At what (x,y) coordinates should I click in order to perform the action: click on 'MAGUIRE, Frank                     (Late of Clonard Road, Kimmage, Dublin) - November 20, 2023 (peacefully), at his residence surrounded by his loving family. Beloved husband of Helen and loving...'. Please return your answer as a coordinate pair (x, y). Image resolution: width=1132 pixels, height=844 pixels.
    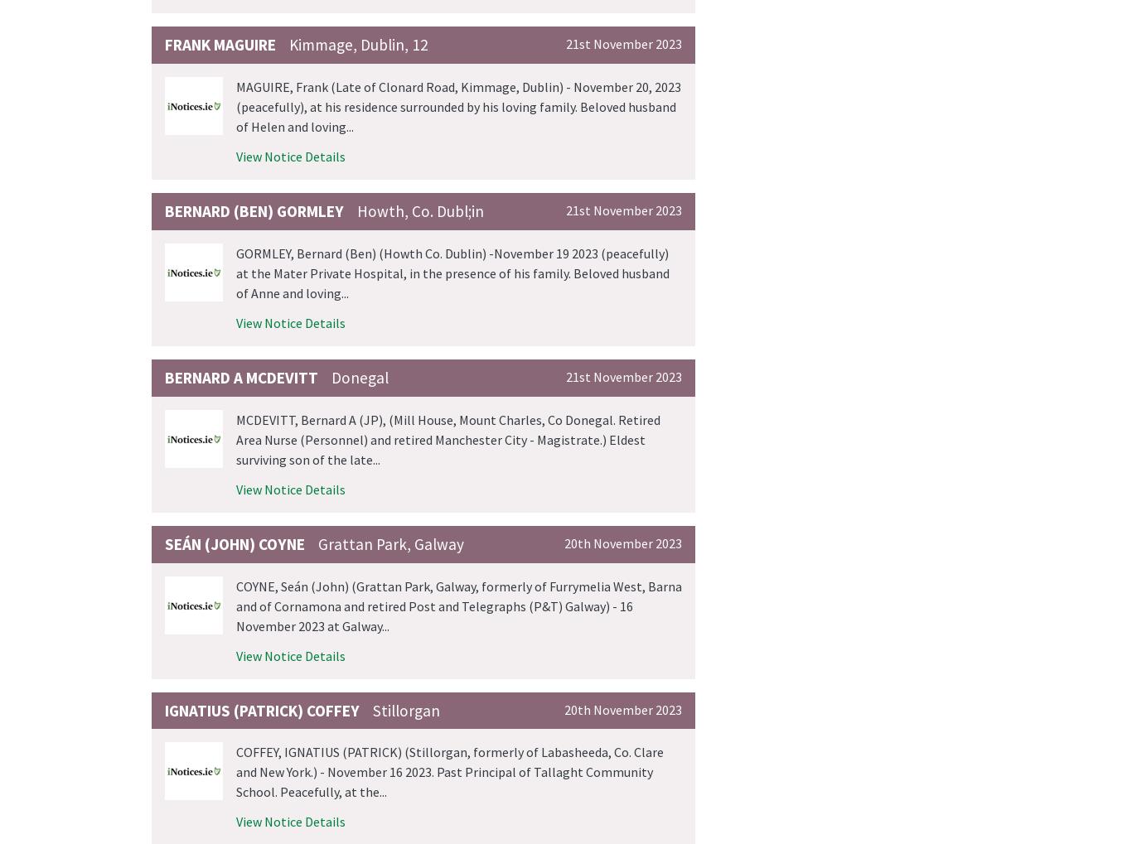
    Looking at the image, I should click on (458, 106).